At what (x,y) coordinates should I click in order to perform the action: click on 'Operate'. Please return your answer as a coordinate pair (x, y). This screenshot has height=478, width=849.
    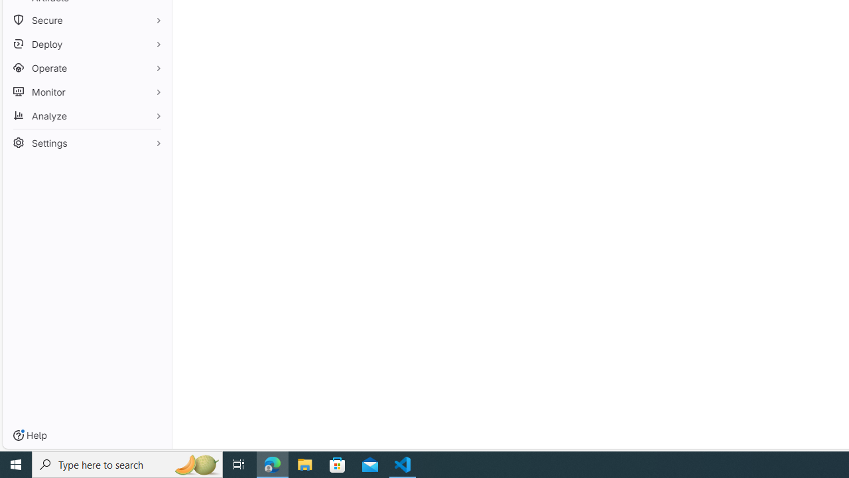
    Looking at the image, I should click on (86, 68).